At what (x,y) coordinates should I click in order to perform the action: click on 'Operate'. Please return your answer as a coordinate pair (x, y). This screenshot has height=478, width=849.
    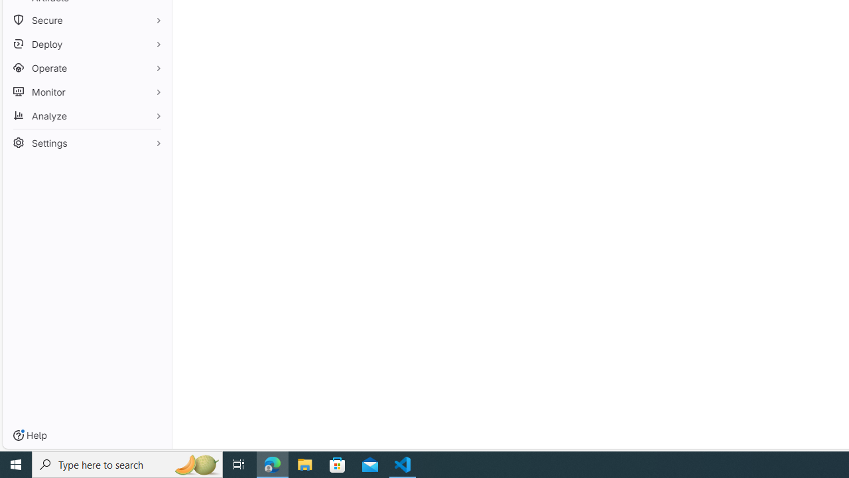
    Looking at the image, I should click on (86, 68).